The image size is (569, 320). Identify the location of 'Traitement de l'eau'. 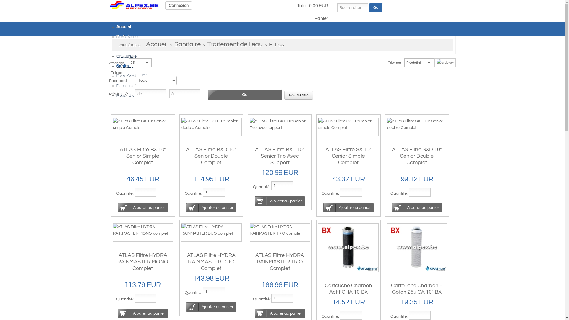
(234, 44).